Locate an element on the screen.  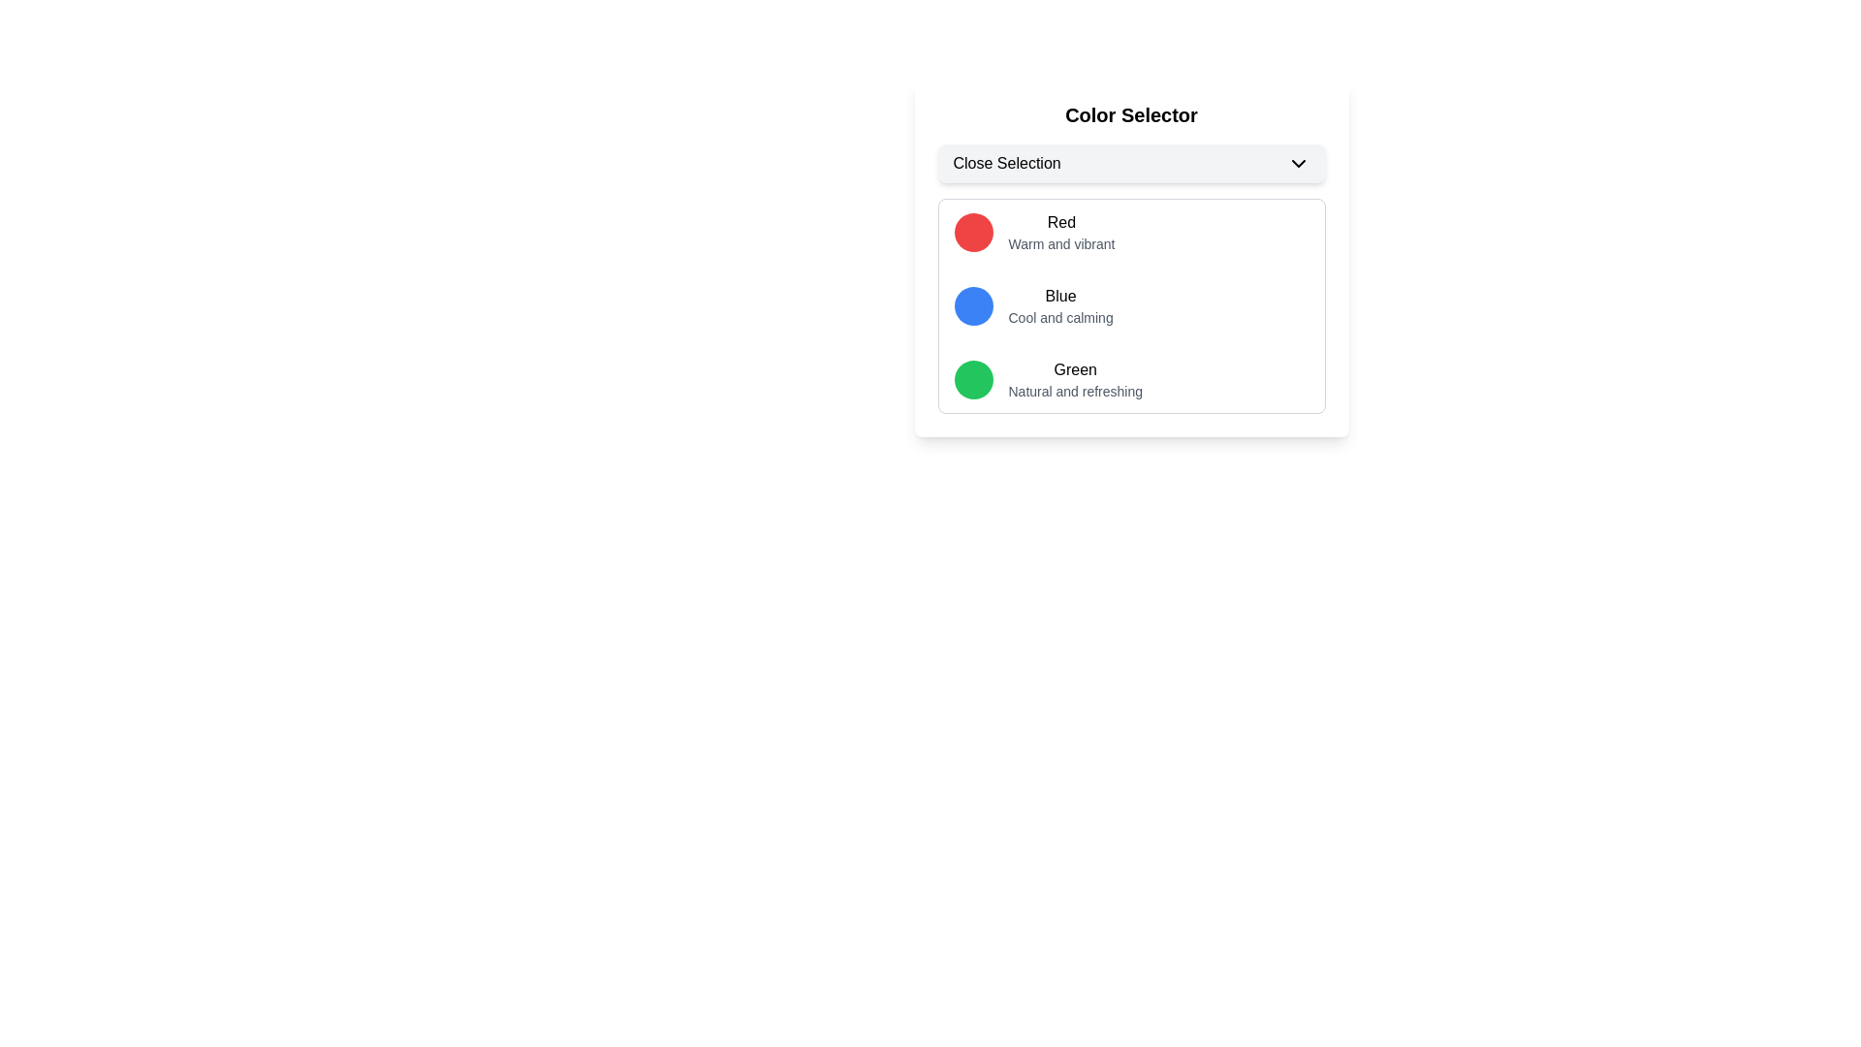
the chevron icon located at the right end of the Close Selection button in the Color Selector section is located at coordinates (1298, 163).